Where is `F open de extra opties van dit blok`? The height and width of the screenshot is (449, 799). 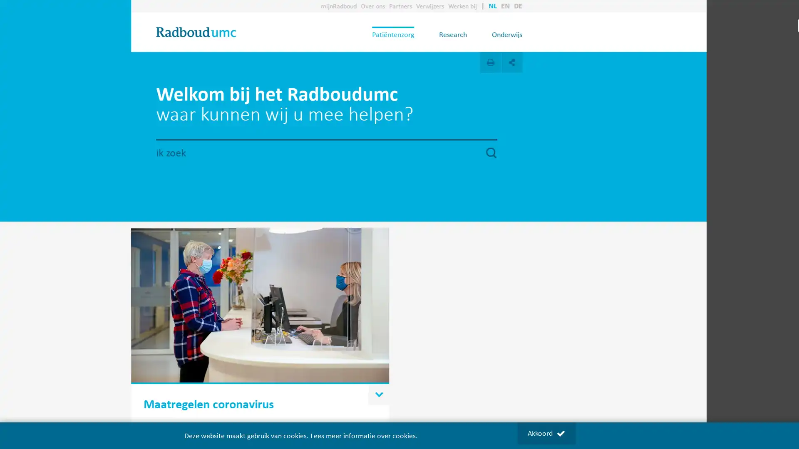
F open de extra opties van dit blok is located at coordinates (432, 373).